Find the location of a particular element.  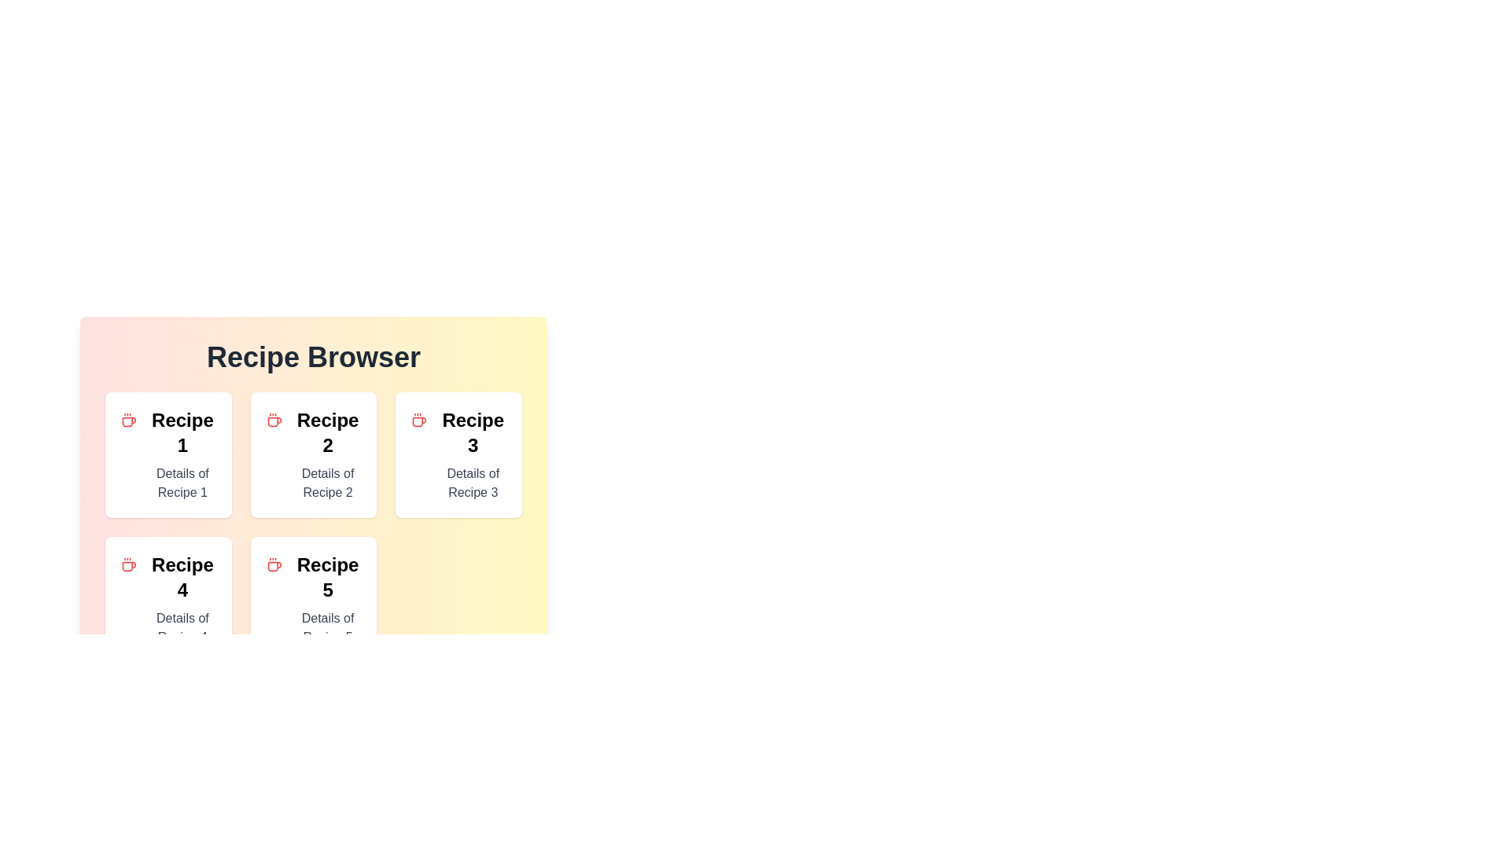

the text label displaying 'Recipe 5', which is a large, bold font text block located in the second row and second column of the recipe grid is located at coordinates (327, 578).